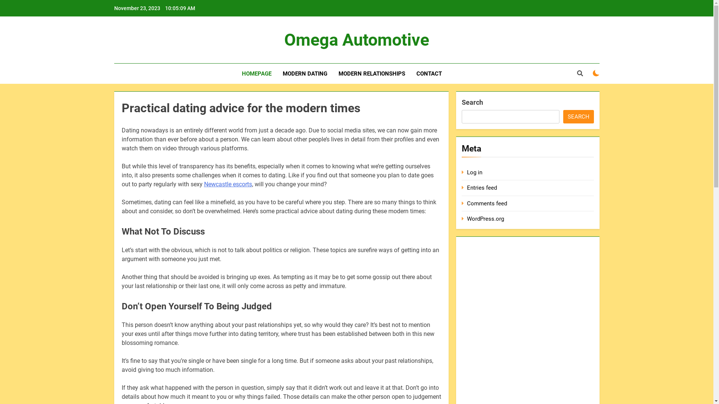 The height and width of the screenshot is (404, 719). I want to click on 'SEARCH', so click(578, 117).